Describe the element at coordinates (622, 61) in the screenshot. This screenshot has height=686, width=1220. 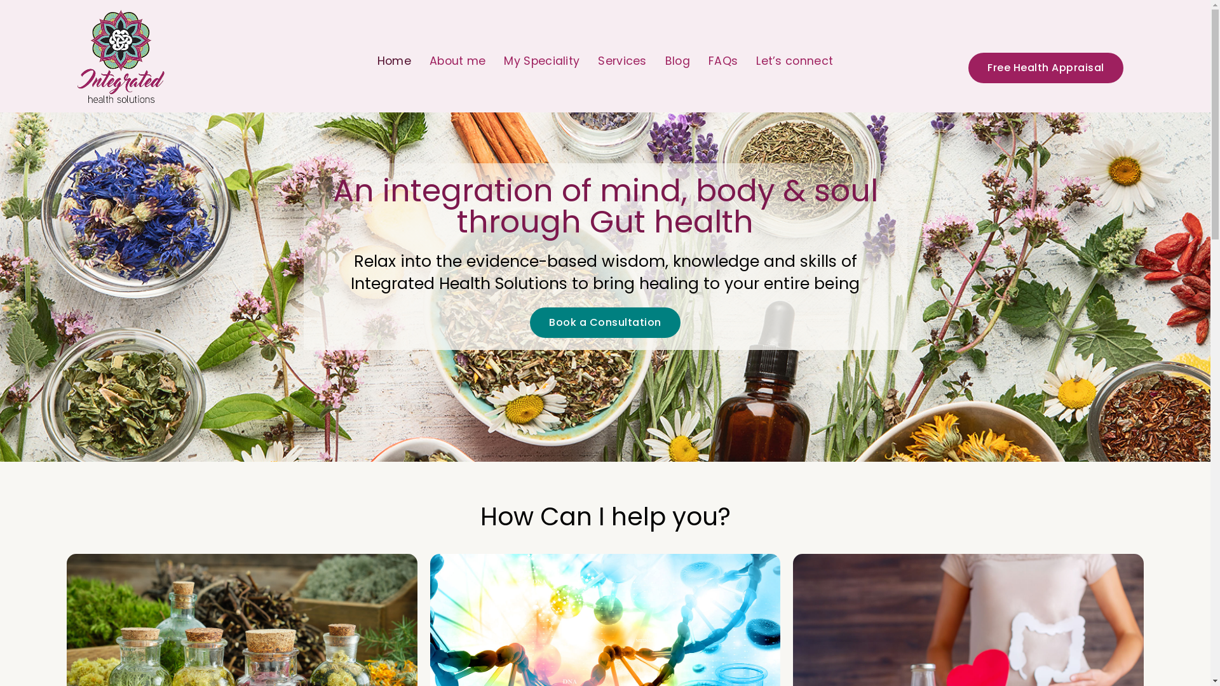
I see `'Services'` at that location.